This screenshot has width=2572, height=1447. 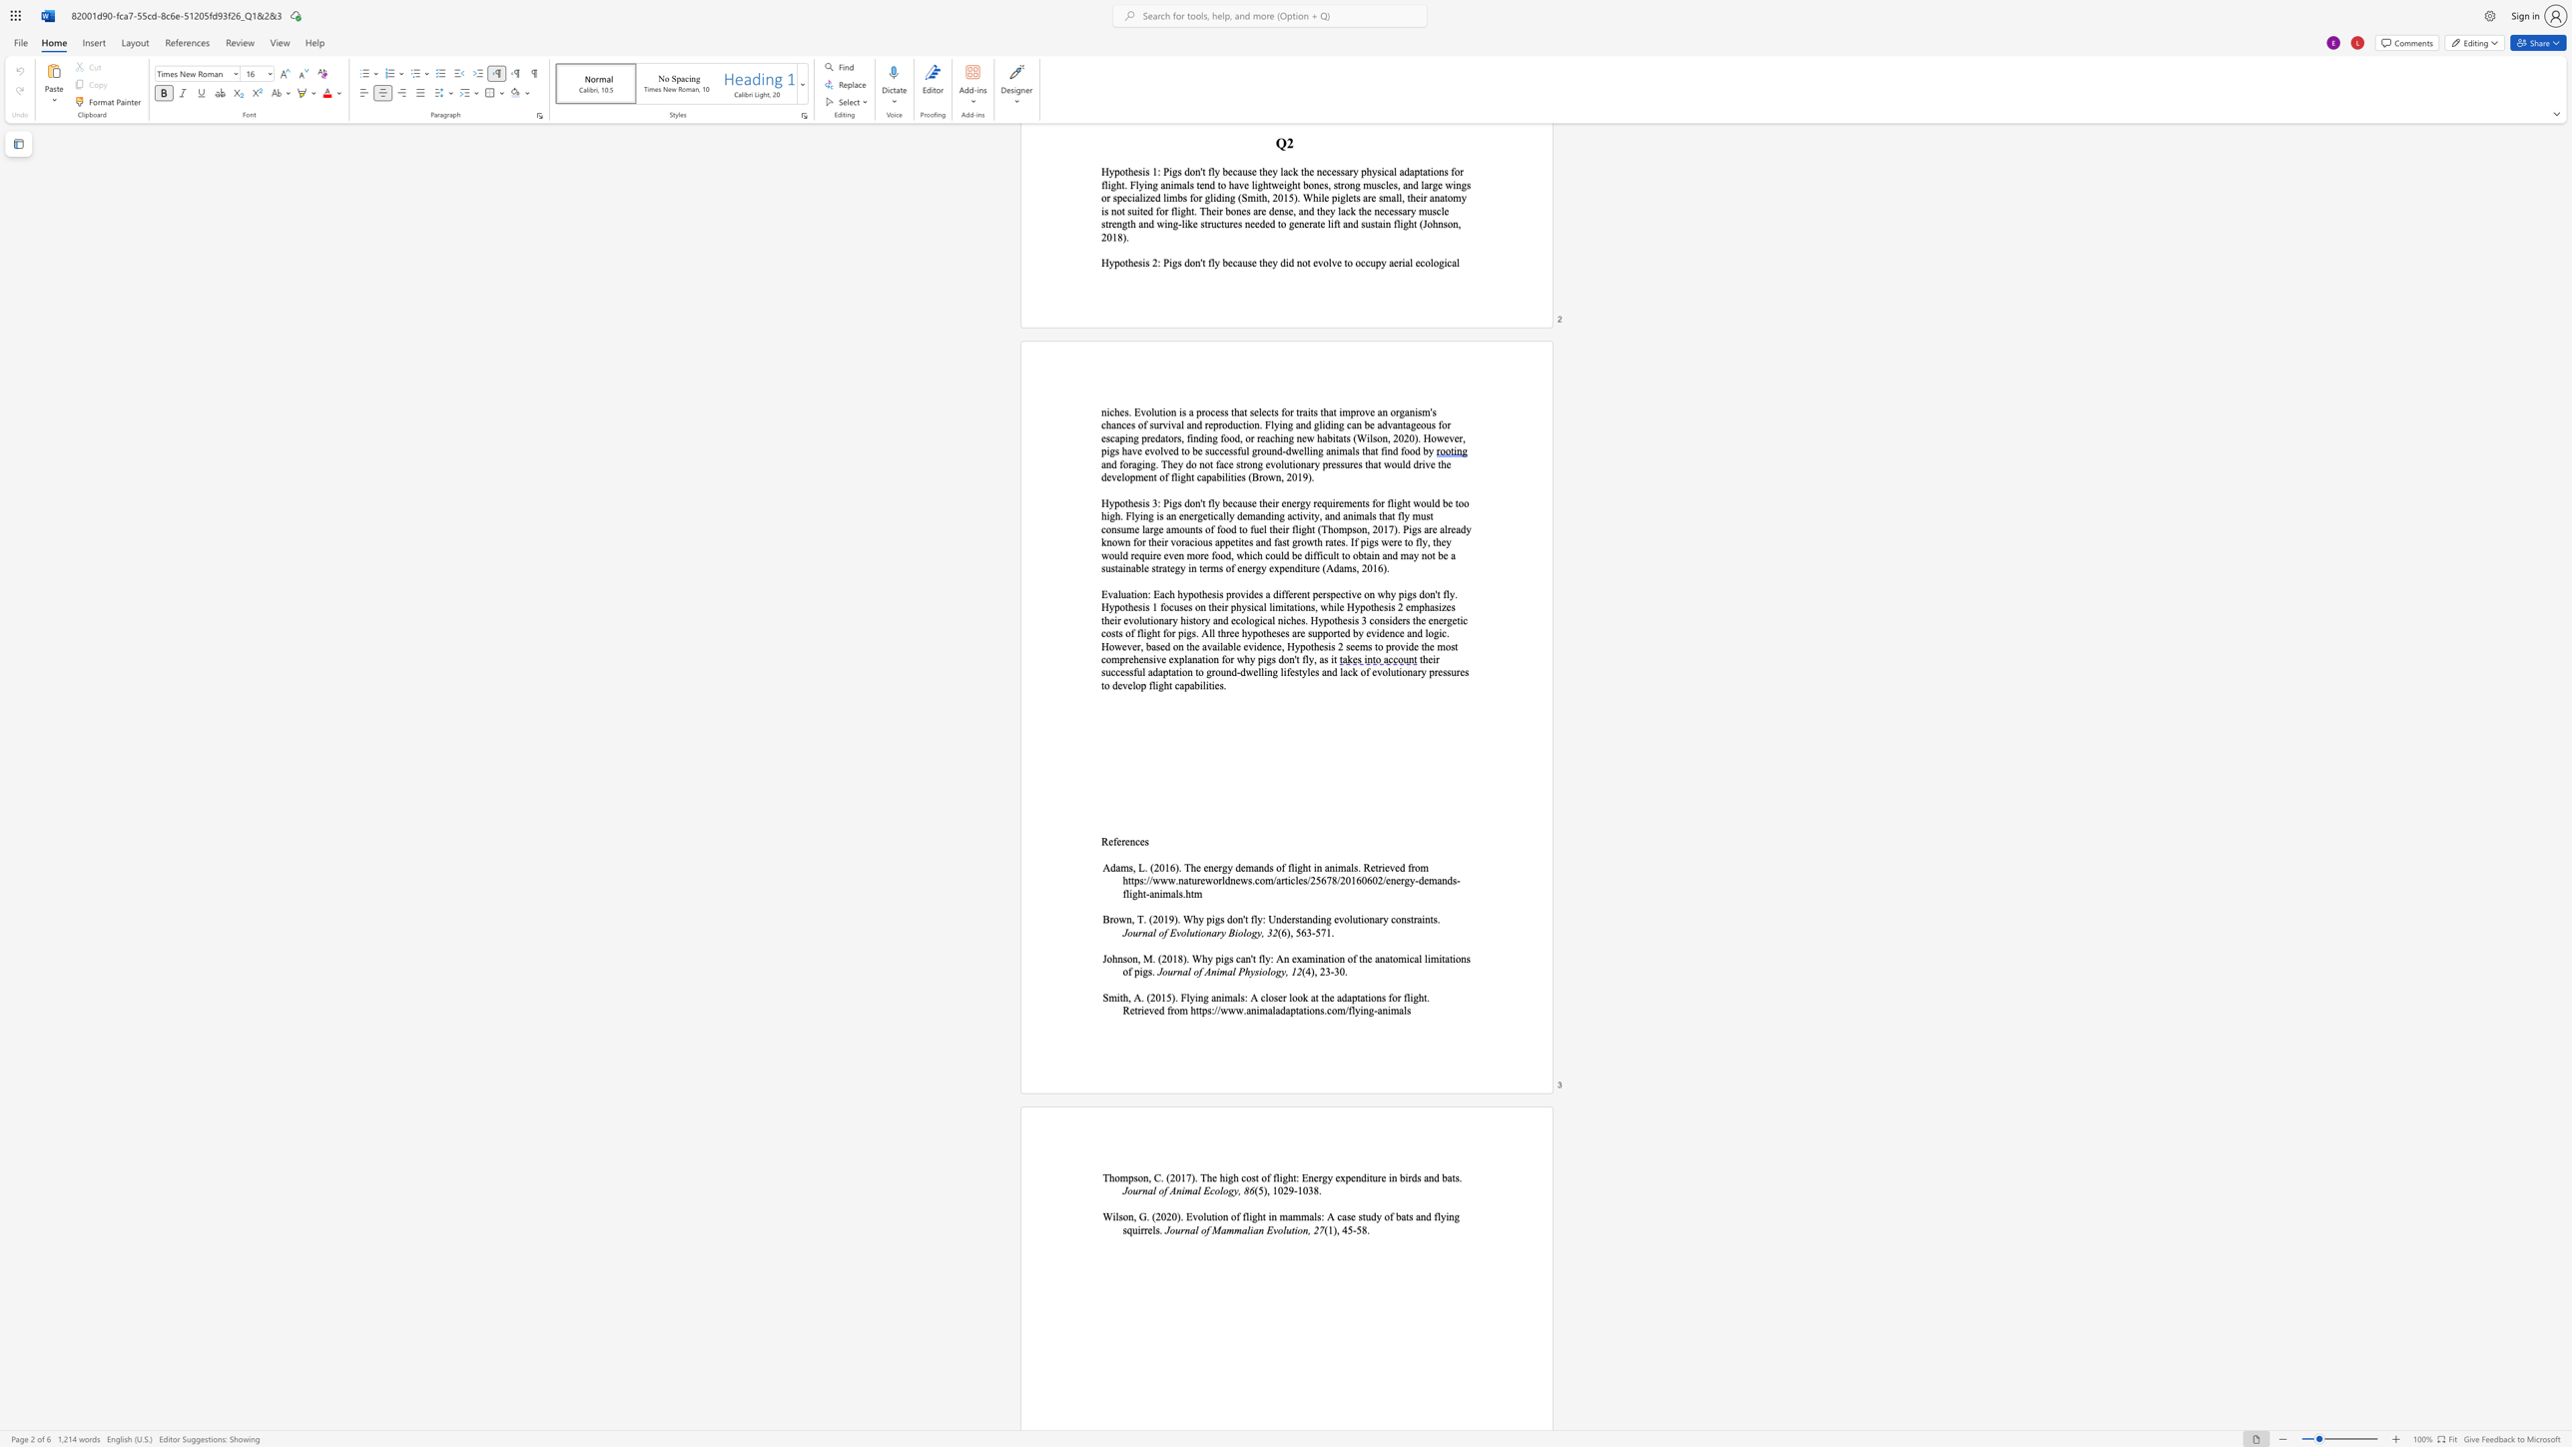 I want to click on the subset text "019). Why pi" within the text "Brown, T. (2019). Why pigs", so click(x=1157, y=918).